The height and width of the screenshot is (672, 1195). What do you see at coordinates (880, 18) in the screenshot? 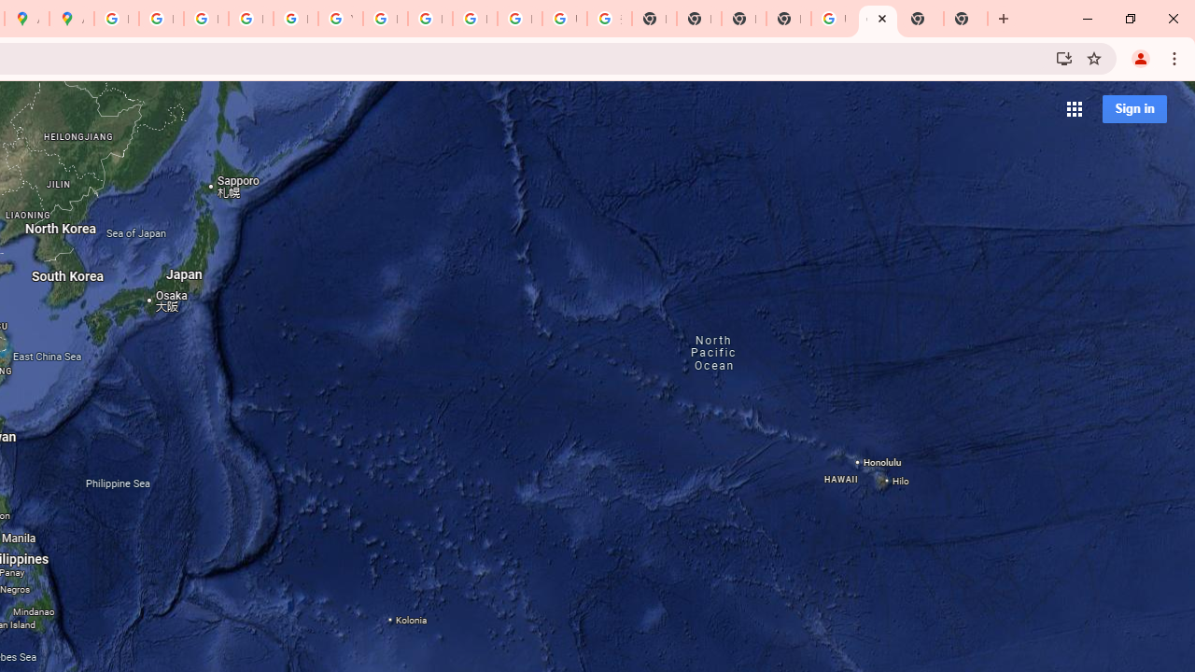
I see `'Close'` at bounding box center [880, 18].